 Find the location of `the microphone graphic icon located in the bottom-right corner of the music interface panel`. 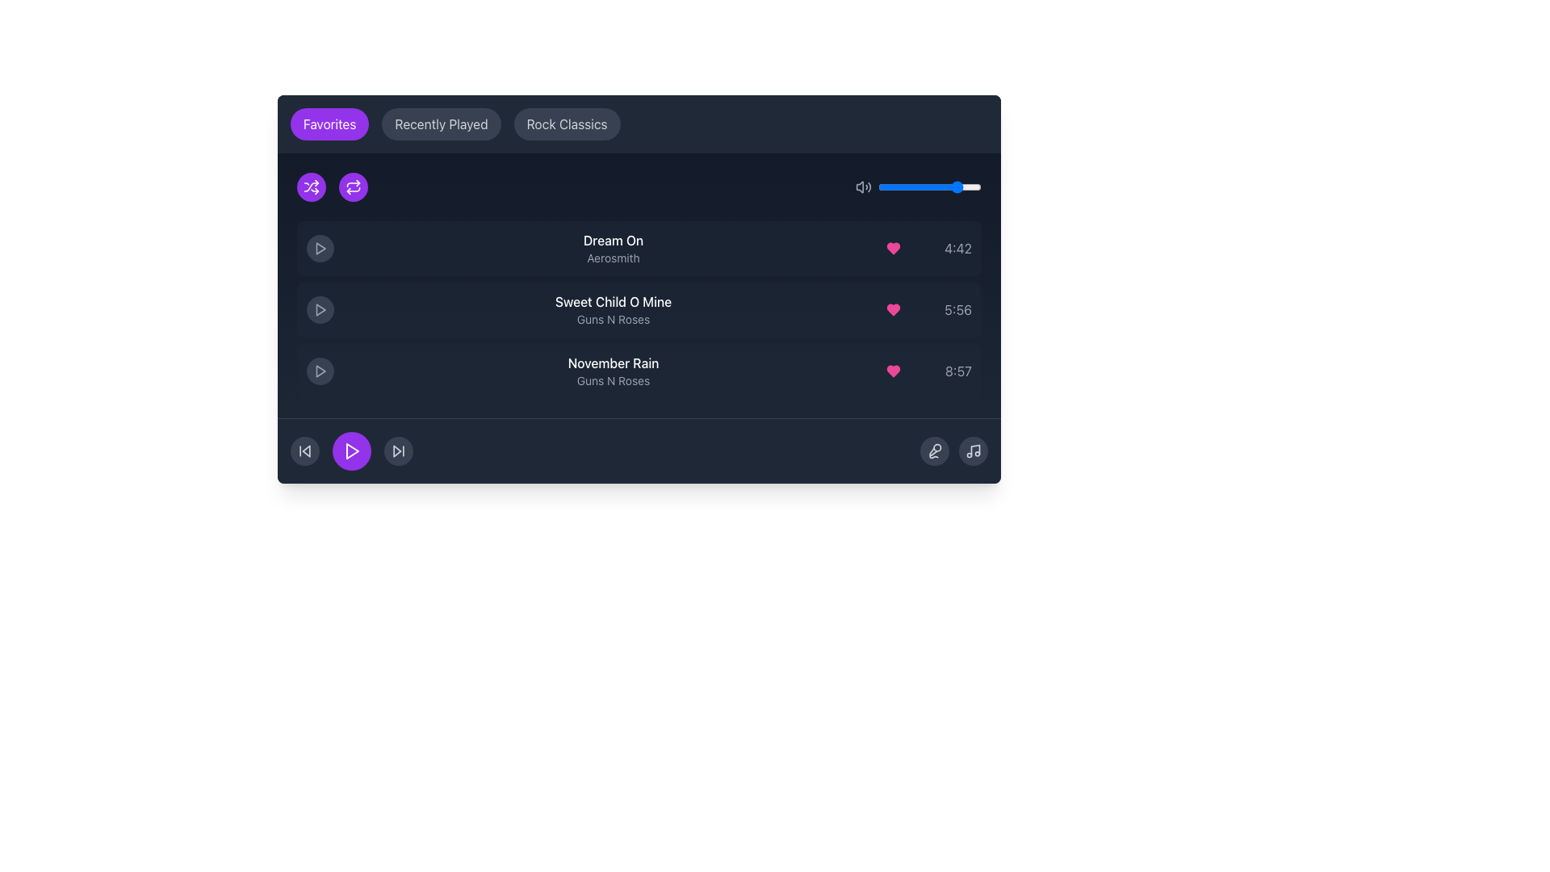

the microphone graphic icon located in the bottom-right corner of the music interface panel is located at coordinates (933, 451).